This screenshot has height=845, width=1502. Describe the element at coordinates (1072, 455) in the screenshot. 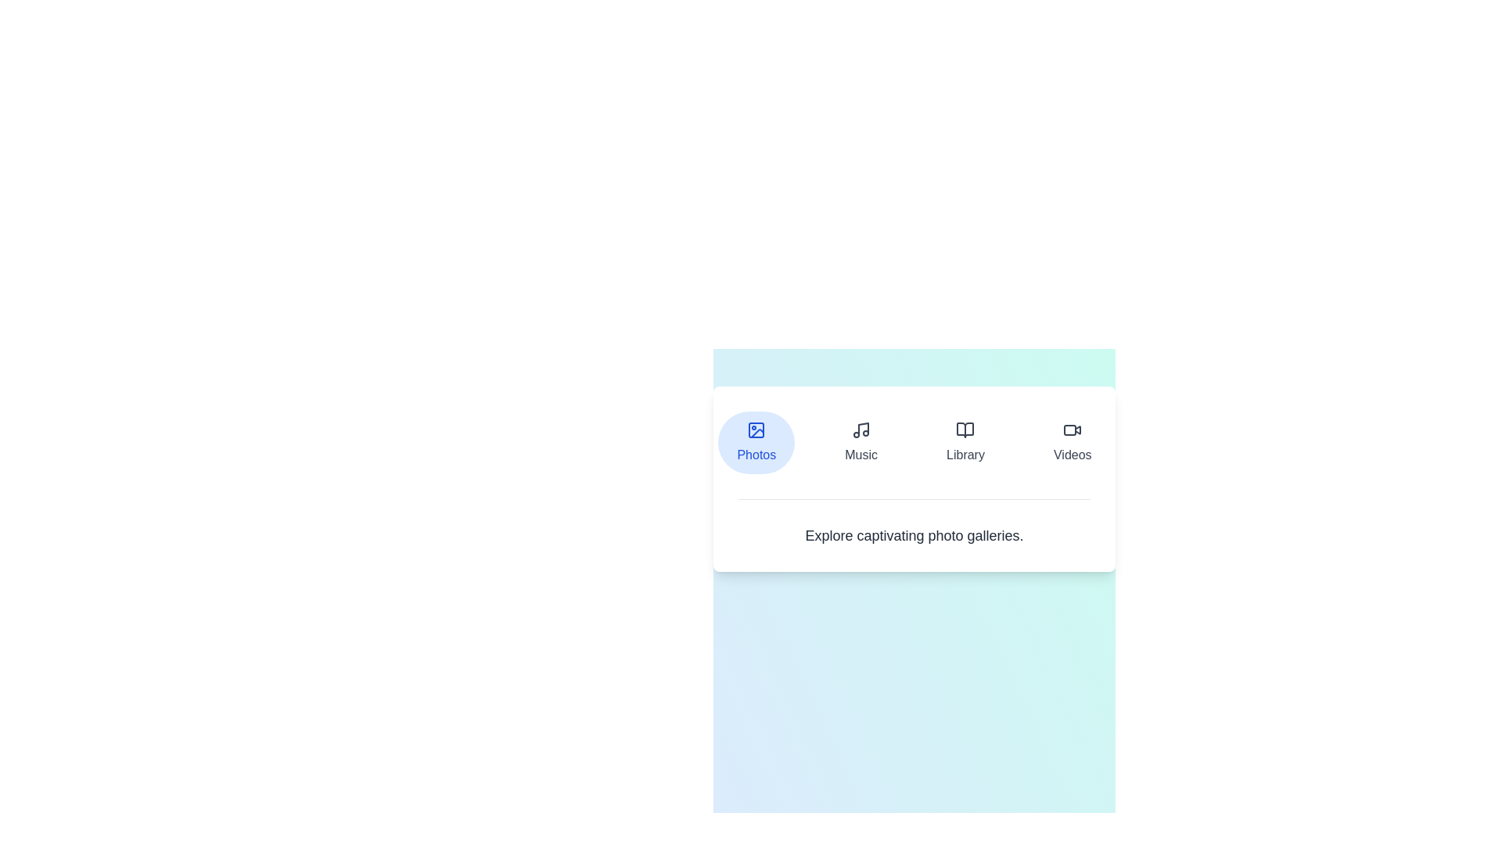

I see `the 'Videos' label, which is the fourth menu option in the horizontal menu, positioned beneath the video icon and adjacent to the 'Library' option` at that location.